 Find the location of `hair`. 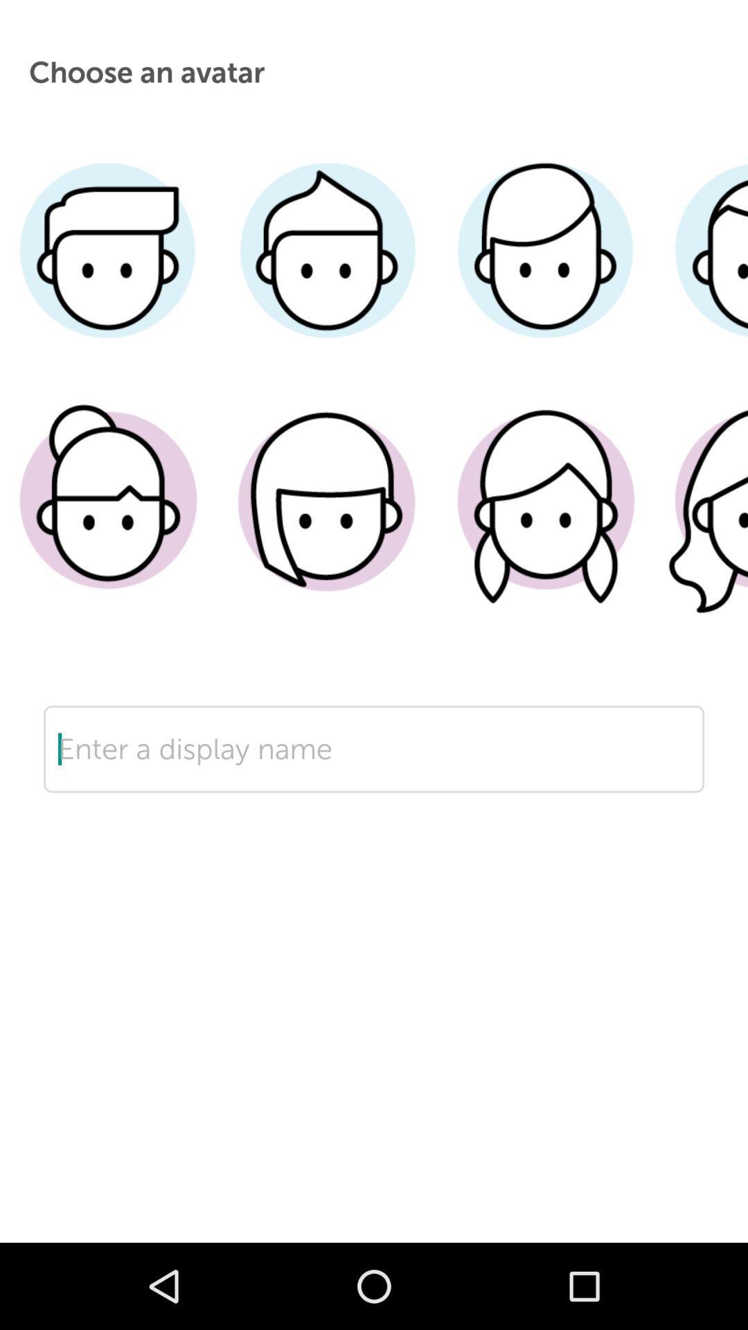

hair is located at coordinates (327, 521).